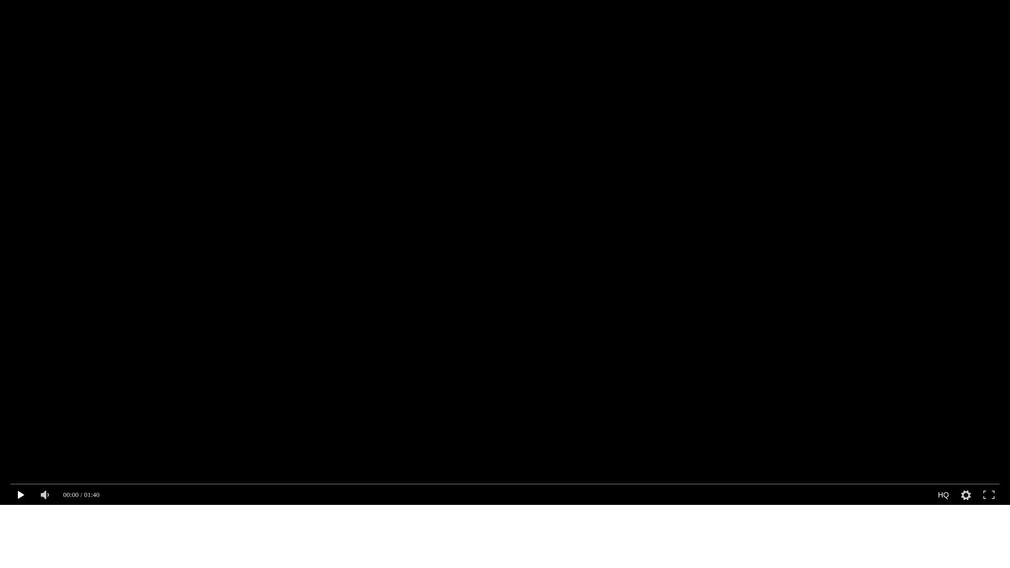 The width and height of the screenshot is (1010, 568). I want to click on 'HQ', so click(943, 495).